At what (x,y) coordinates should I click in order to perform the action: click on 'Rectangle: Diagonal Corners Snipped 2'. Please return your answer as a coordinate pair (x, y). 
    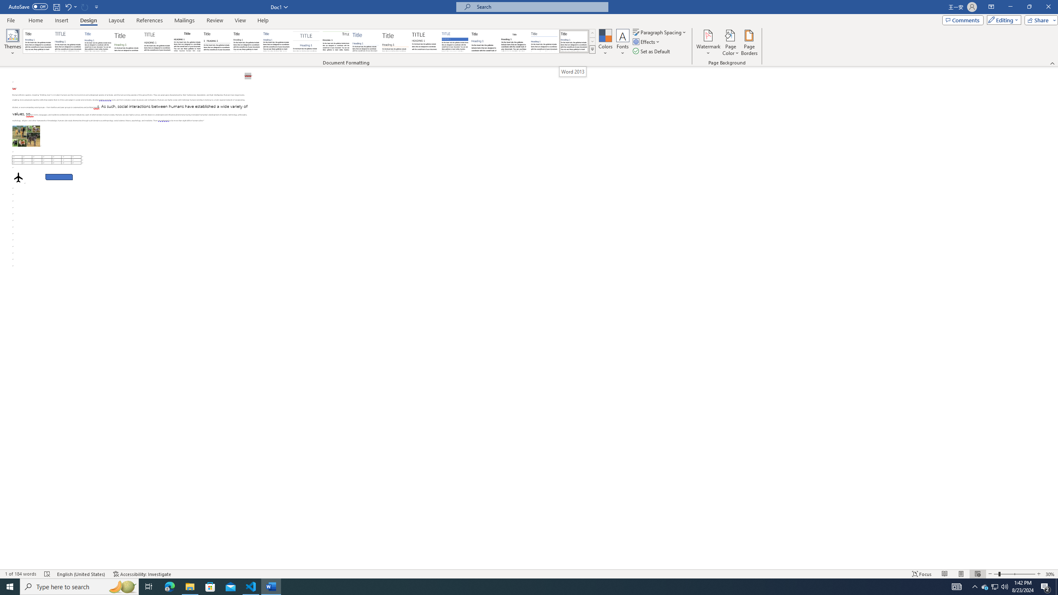
    Looking at the image, I should click on (59, 177).